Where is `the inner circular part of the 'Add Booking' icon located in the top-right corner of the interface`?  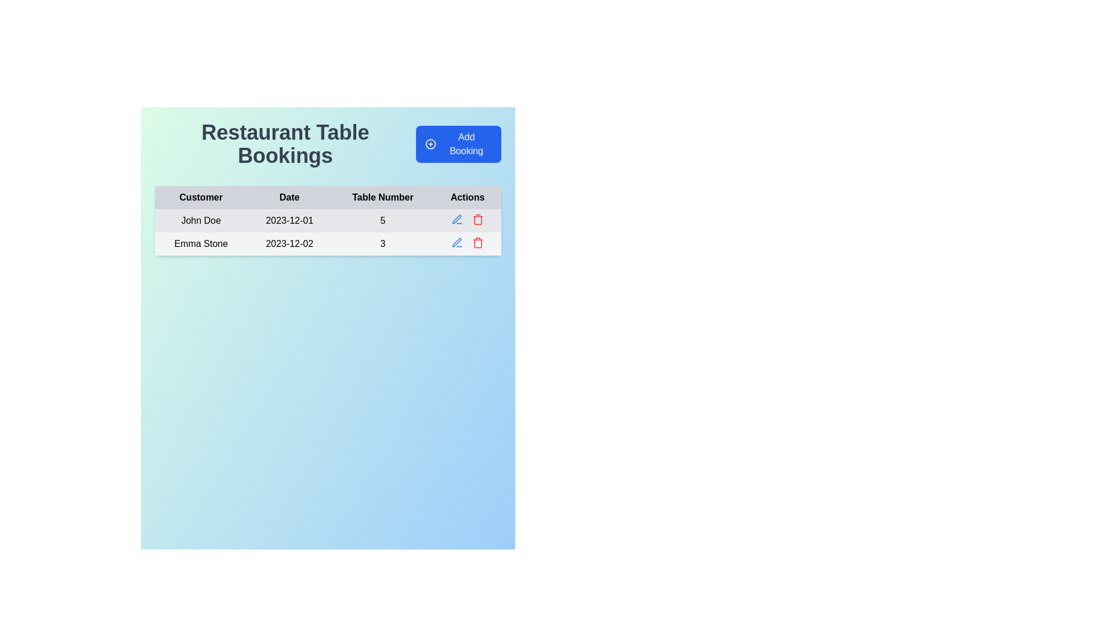 the inner circular part of the 'Add Booking' icon located in the top-right corner of the interface is located at coordinates (430, 144).